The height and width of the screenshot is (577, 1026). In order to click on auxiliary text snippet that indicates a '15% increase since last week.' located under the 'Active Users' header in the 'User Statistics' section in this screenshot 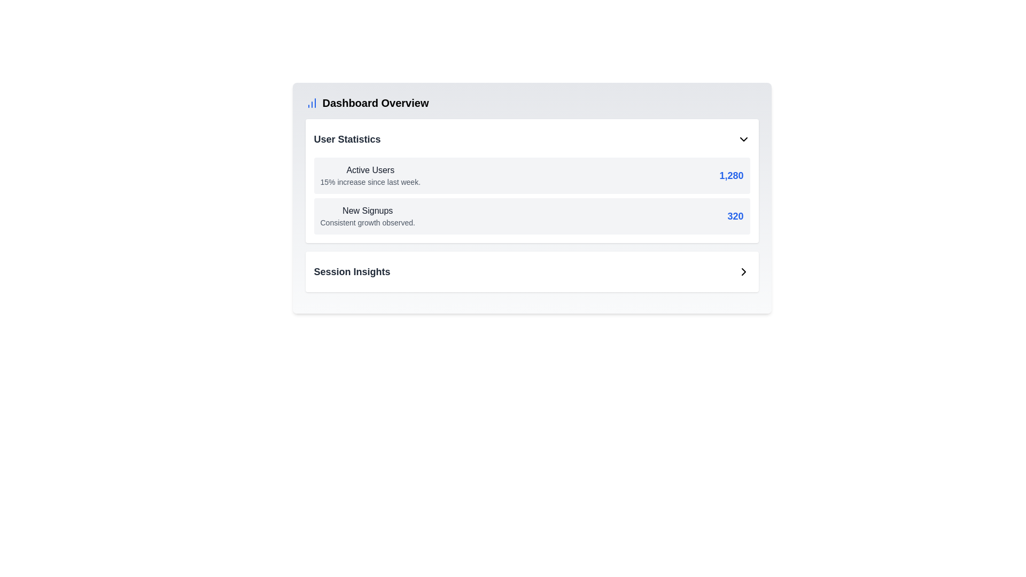, I will do `click(370, 181)`.